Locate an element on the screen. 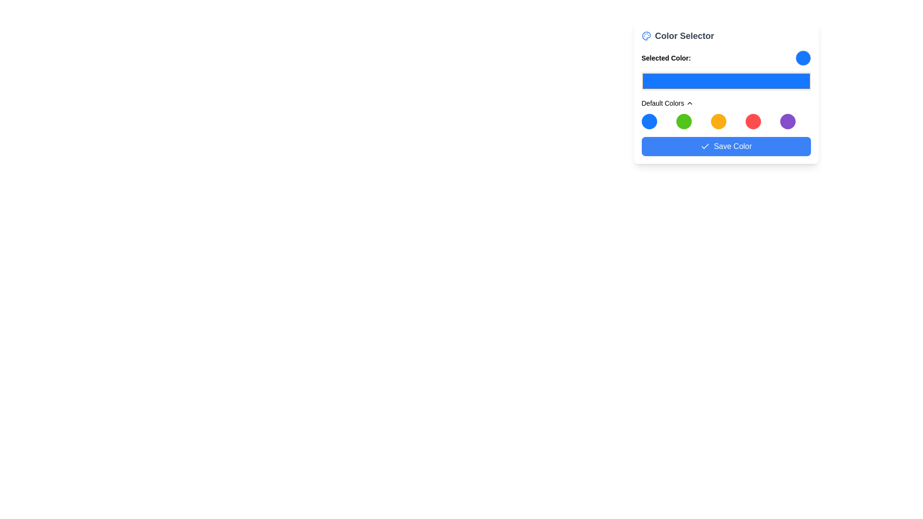 The image size is (923, 519). the vivid orange circular color option, which is the third in a row of five color circles beneath the 'Default Colors' title is located at coordinates (718, 121).